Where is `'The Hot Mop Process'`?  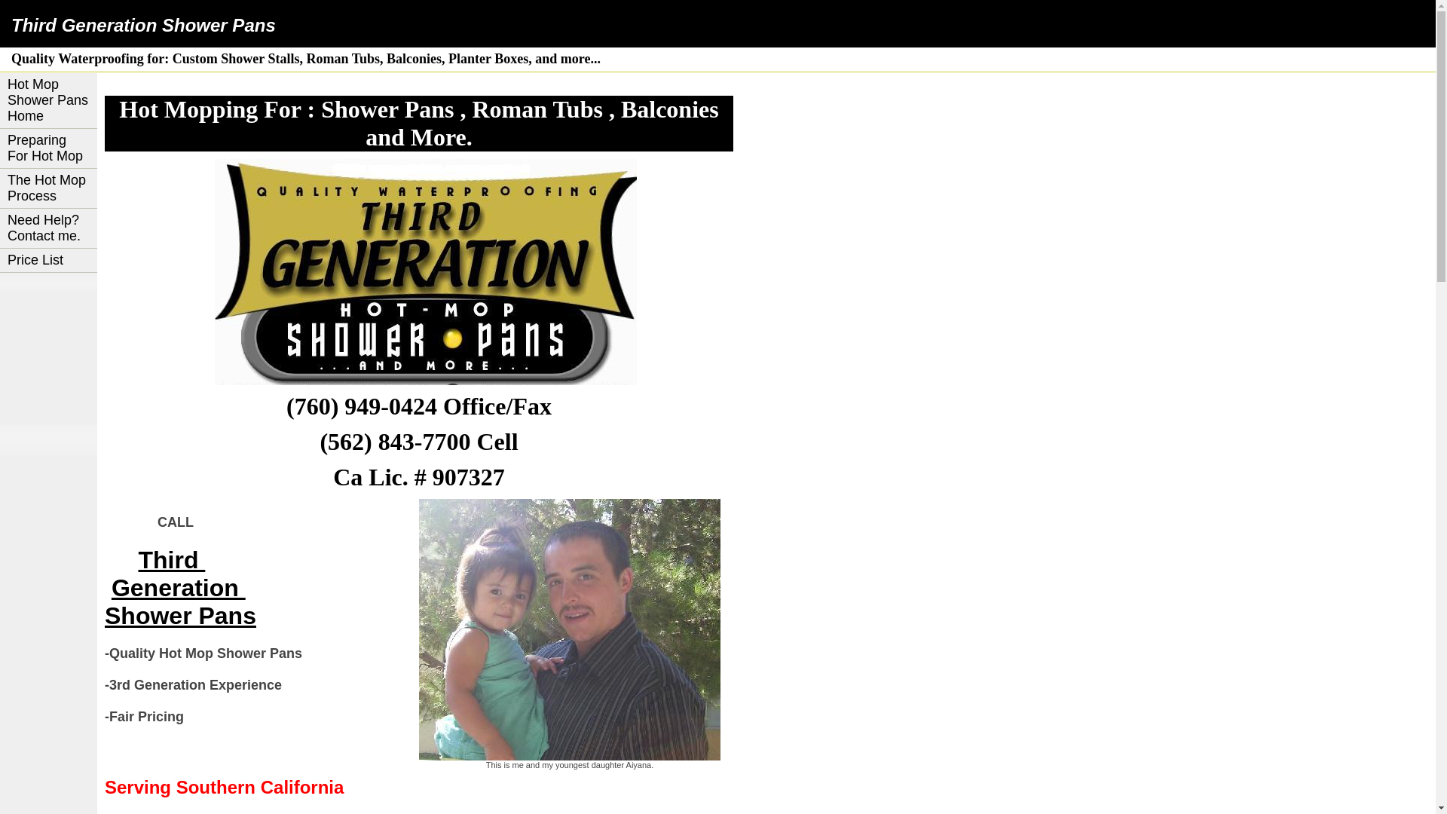 'The Hot Mop Process' is located at coordinates (48, 188).